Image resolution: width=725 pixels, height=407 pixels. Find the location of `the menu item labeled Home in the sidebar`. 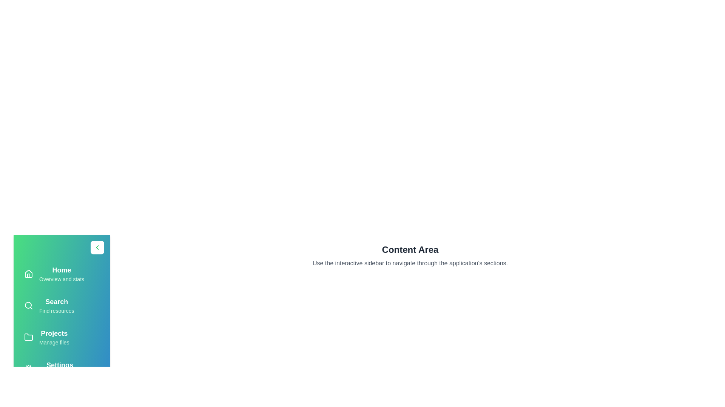

the menu item labeled Home in the sidebar is located at coordinates (62, 274).